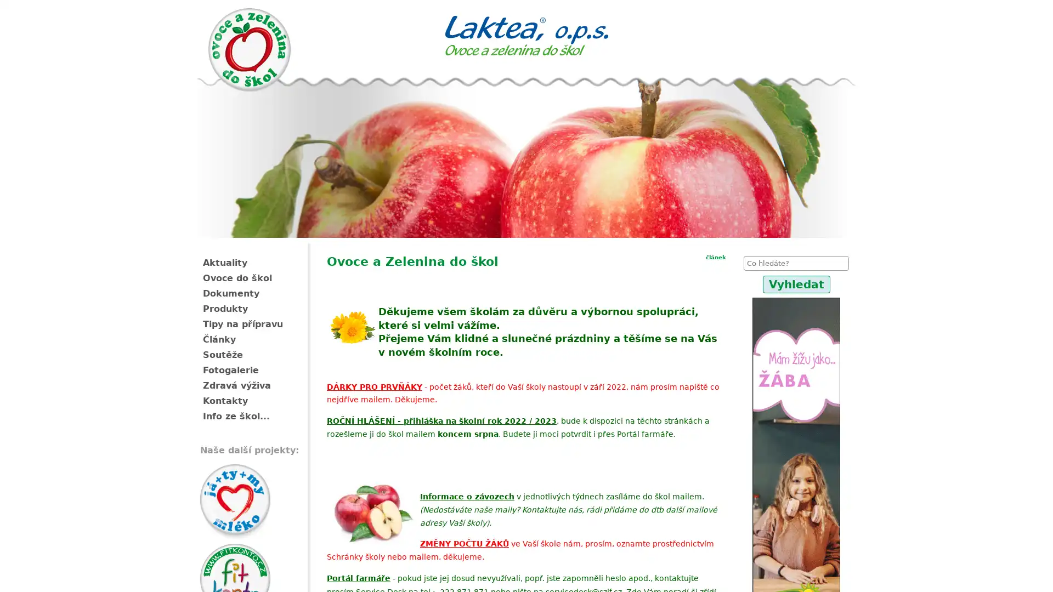 Image resolution: width=1053 pixels, height=592 pixels. Describe the element at coordinates (796, 284) in the screenshot. I see `Vyhledat` at that location.